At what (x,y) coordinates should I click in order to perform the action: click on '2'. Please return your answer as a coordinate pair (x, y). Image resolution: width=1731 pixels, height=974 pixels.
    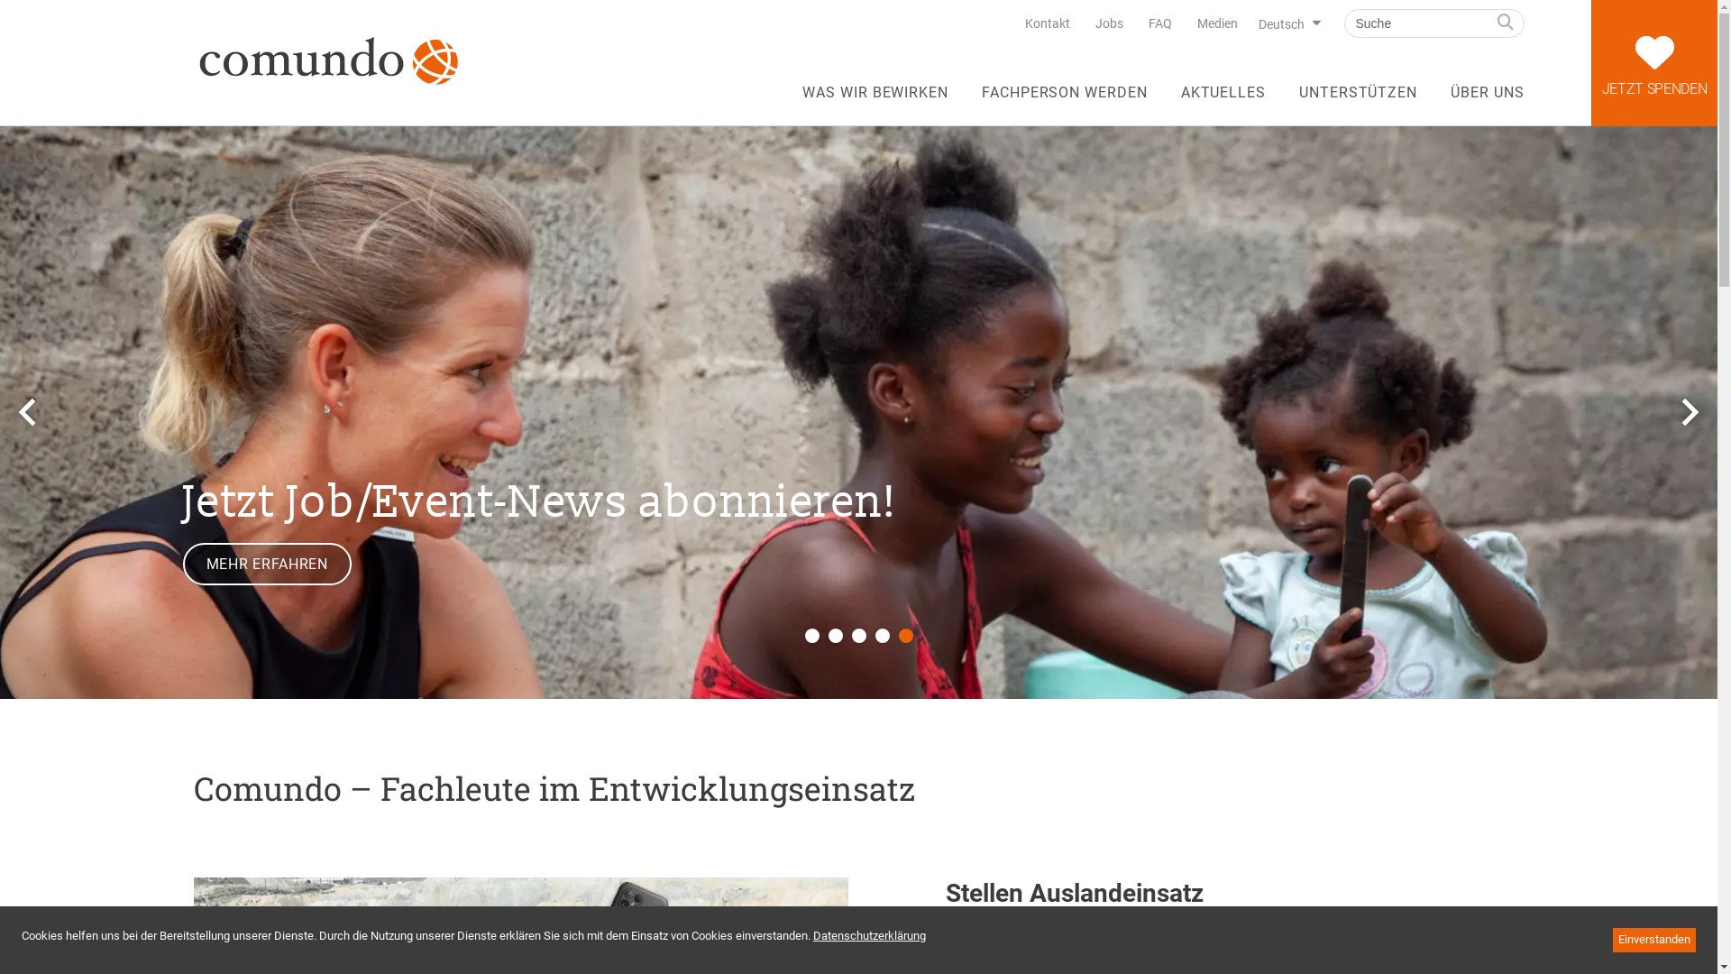
    Looking at the image, I should click on (834, 635).